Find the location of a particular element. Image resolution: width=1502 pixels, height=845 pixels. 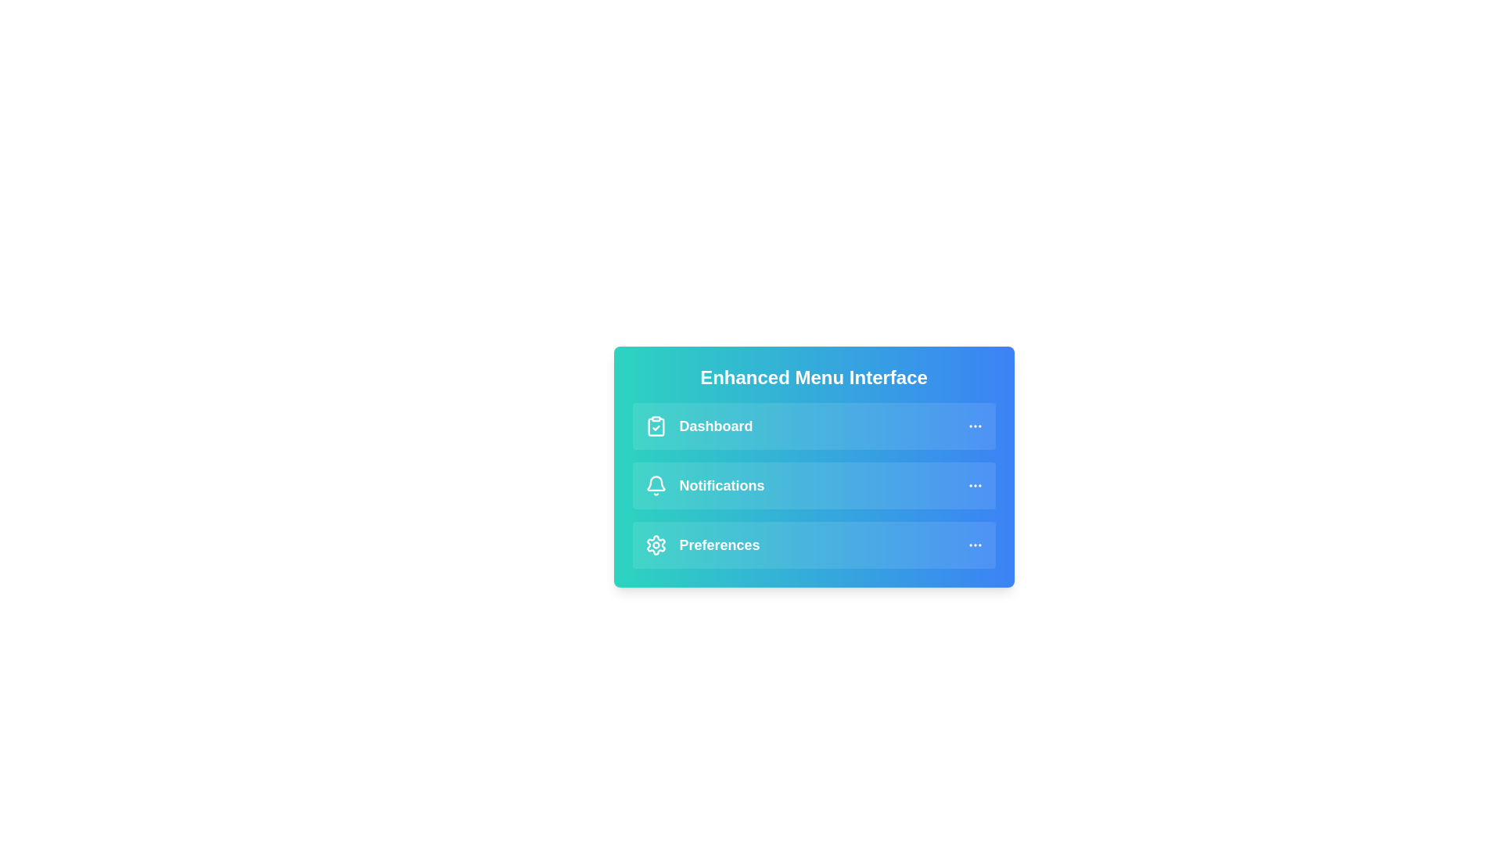

the text label indicating notifications, which is the second item in the vertical menu layout, positioned between 'Dashboard' and 'Preferences' is located at coordinates (720, 485).